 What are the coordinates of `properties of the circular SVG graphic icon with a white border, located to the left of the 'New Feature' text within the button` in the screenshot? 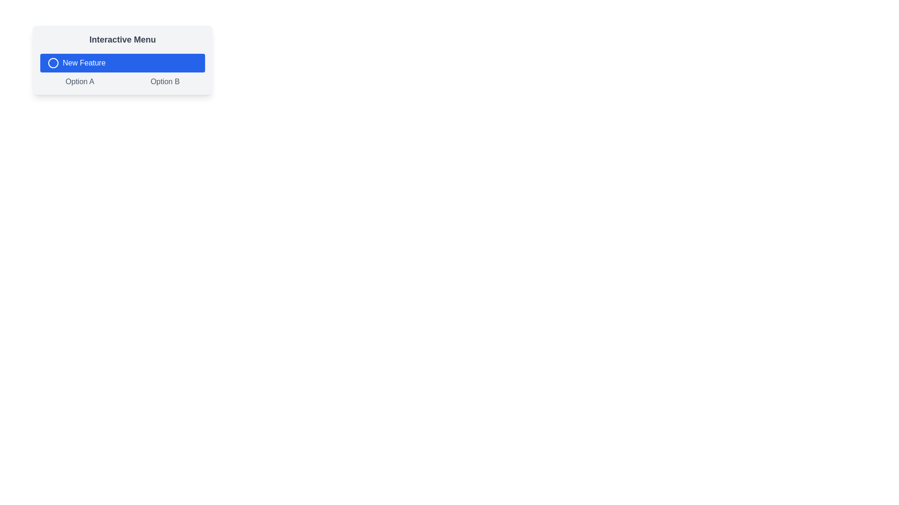 It's located at (53, 63).